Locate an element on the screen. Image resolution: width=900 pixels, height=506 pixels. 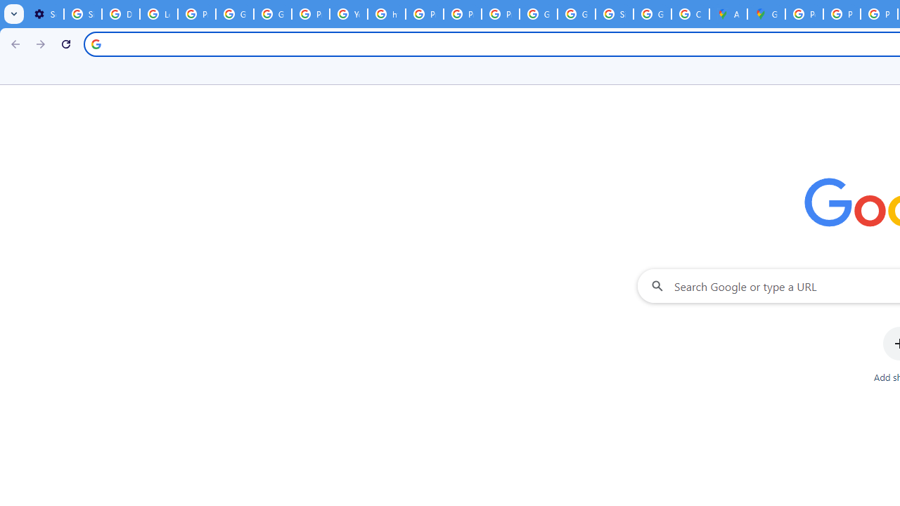
'Google Maps' is located at coordinates (765, 14).